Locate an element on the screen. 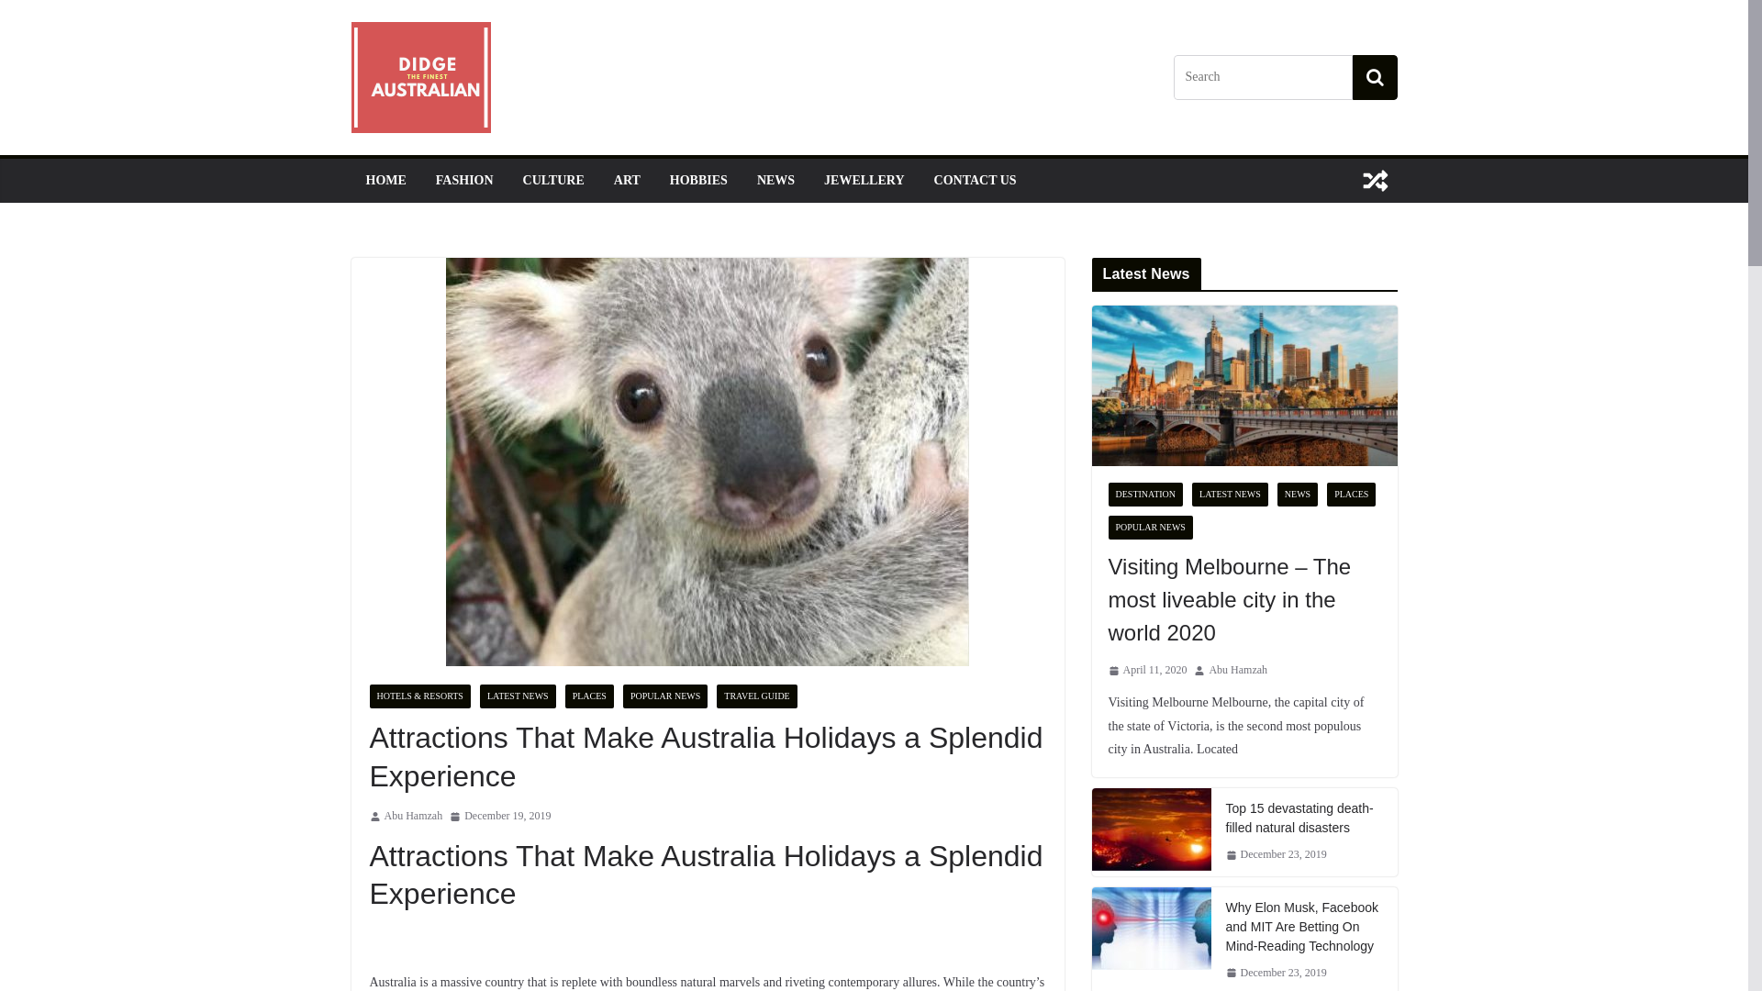 The image size is (1762, 991). 'View a random post' is located at coordinates (1374, 180).